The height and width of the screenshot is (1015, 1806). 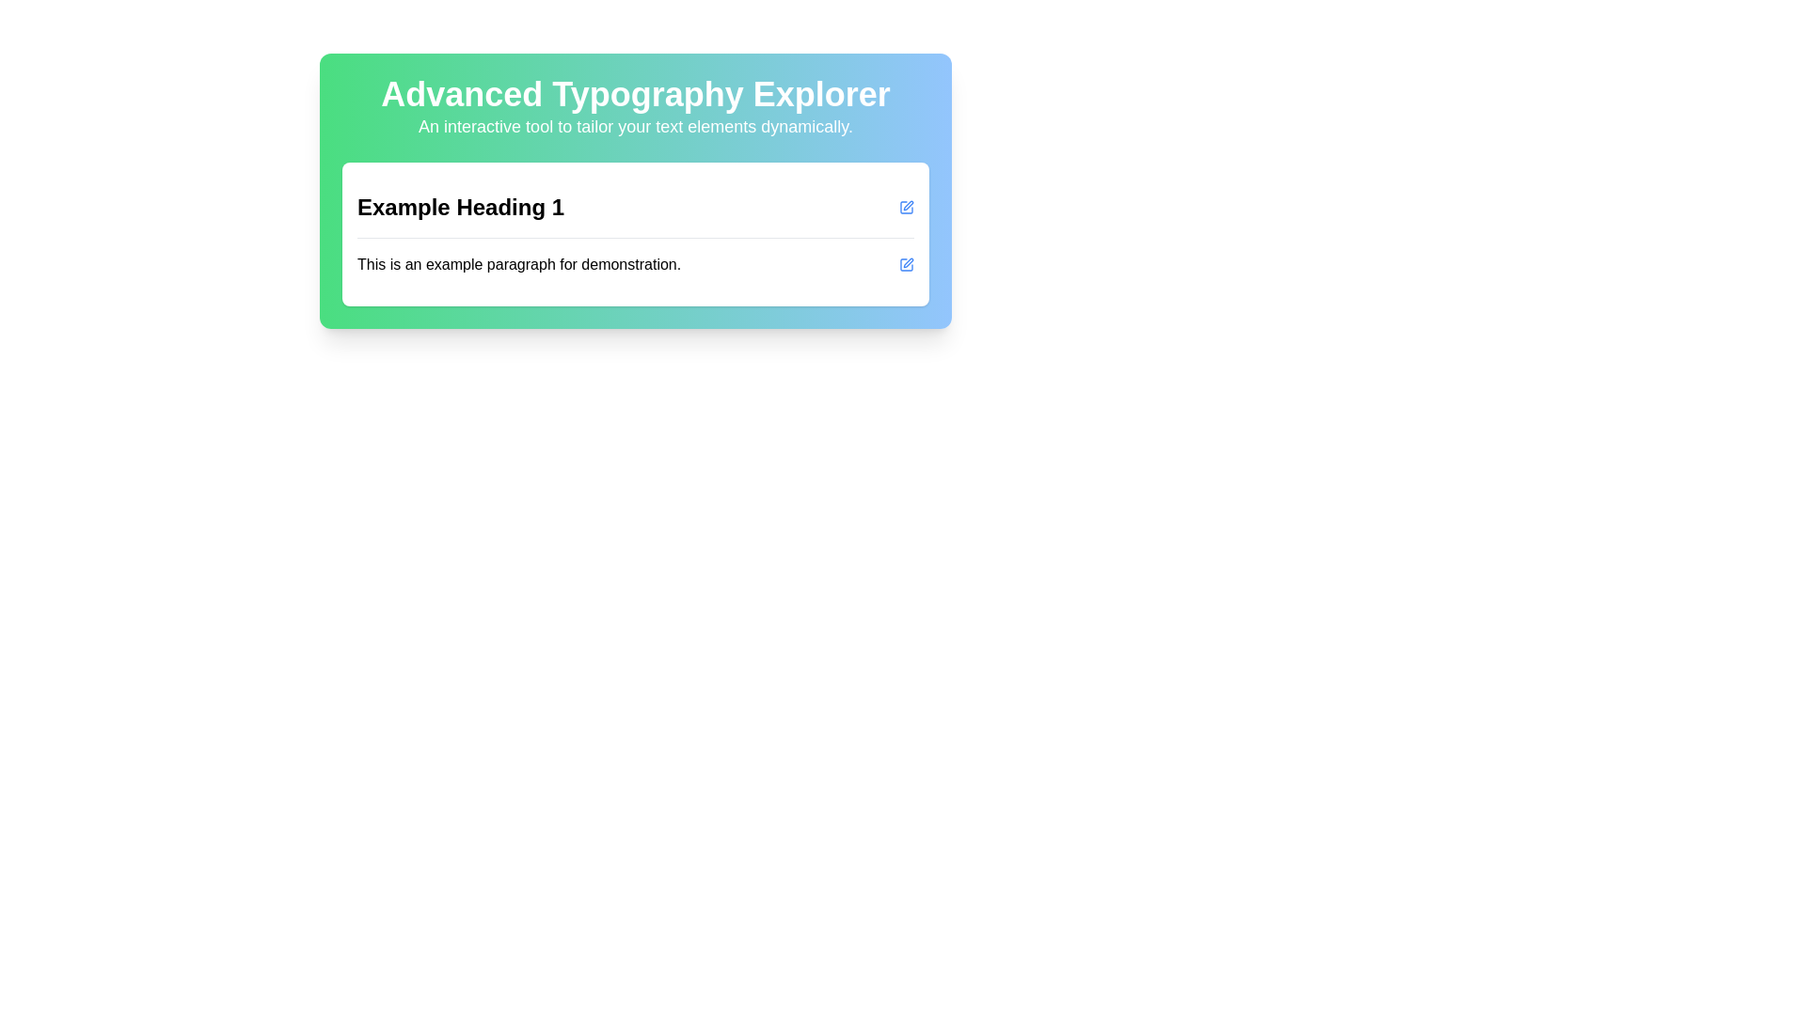 I want to click on keyboard navigation, so click(x=907, y=264).